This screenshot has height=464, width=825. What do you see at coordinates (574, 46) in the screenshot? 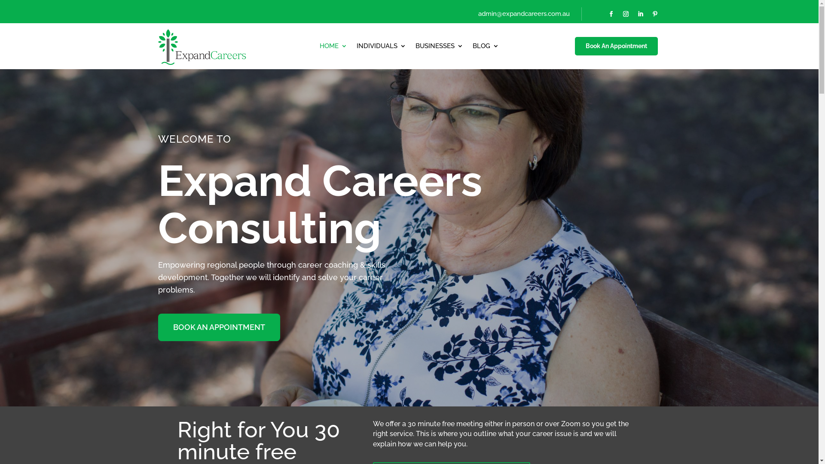
I see `'Book An Appointment'` at bounding box center [574, 46].